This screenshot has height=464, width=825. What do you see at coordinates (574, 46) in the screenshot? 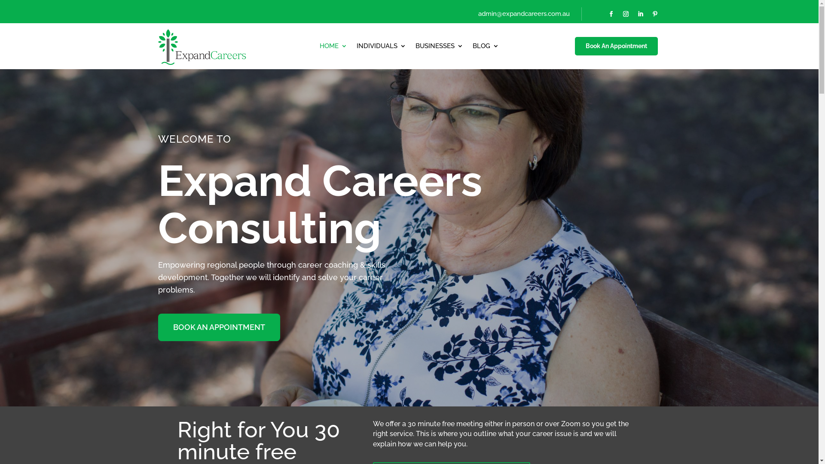
I see `'Book An Appointment'` at bounding box center [574, 46].